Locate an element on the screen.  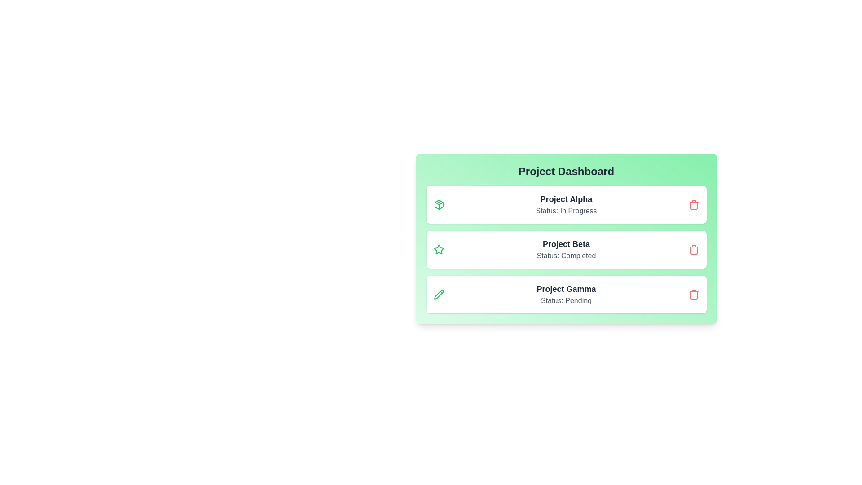
the details of the project Project Alpha is located at coordinates (566, 204).